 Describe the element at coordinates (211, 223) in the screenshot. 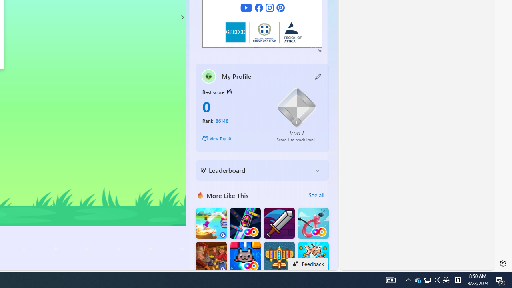

I see `'Knife Flip'` at that location.